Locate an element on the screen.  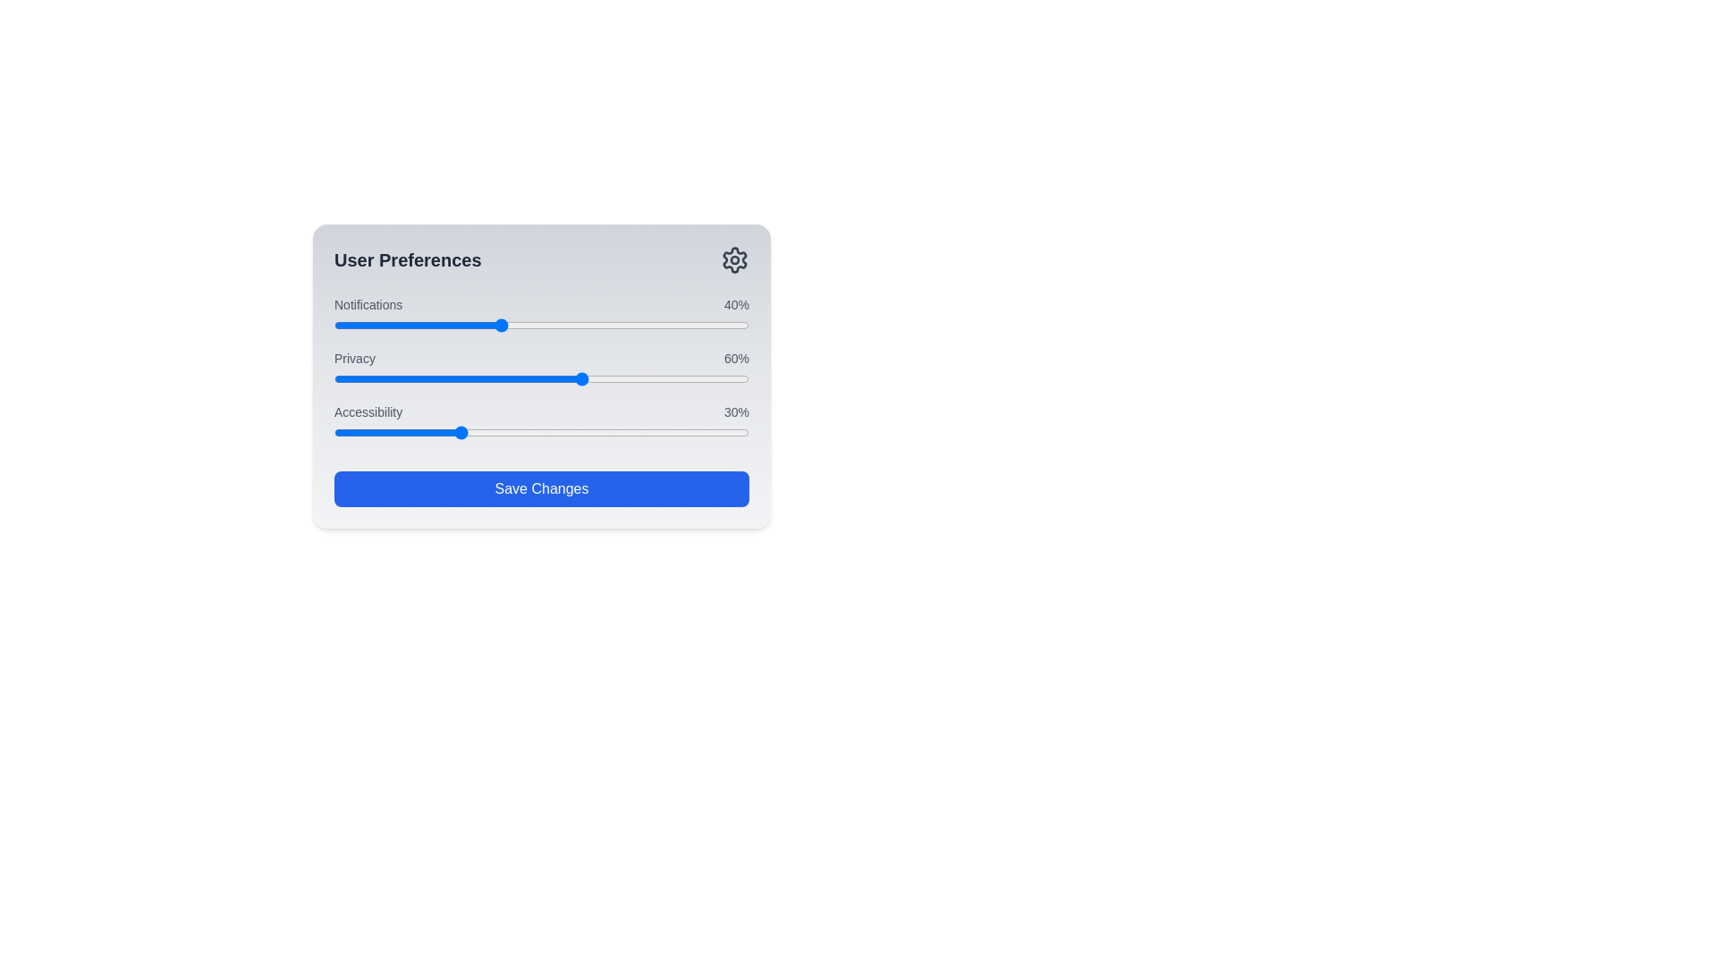
the settings icon located at the top-right corner of the component is located at coordinates (734, 259).